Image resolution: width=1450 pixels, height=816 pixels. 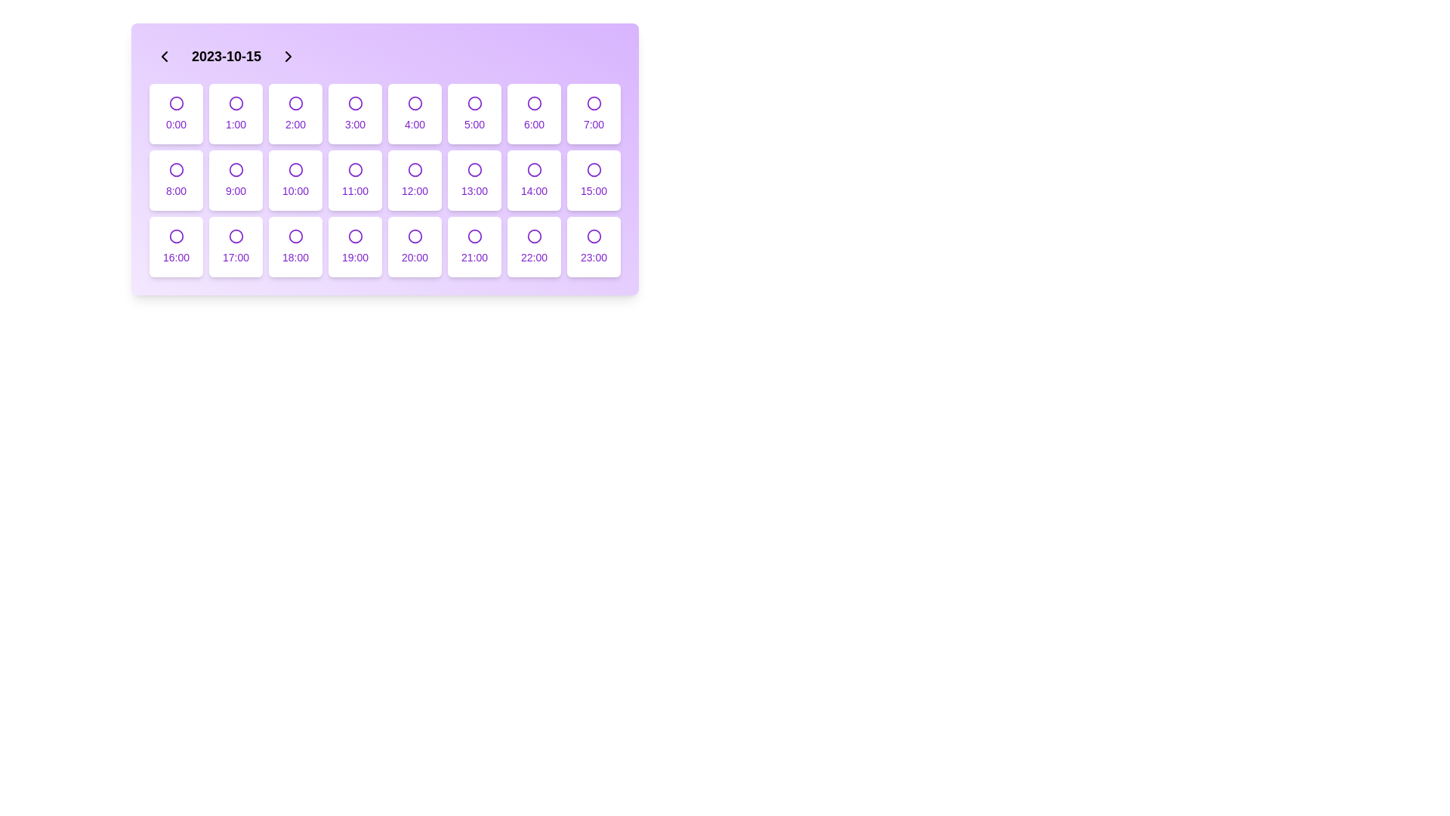 I want to click on the circular icon with a purple stroke located in the time slot labeled '23:00' in the bottom-right corner of the time grid, so click(x=593, y=236).